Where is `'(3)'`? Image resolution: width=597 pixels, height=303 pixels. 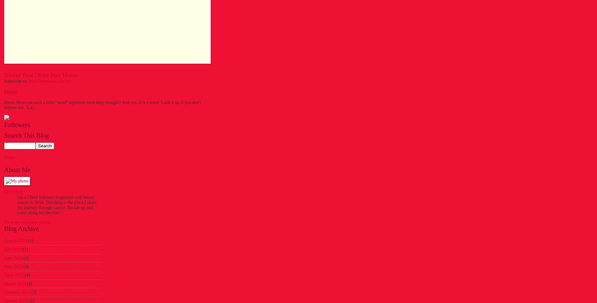
'(3)' is located at coordinates (33, 292).